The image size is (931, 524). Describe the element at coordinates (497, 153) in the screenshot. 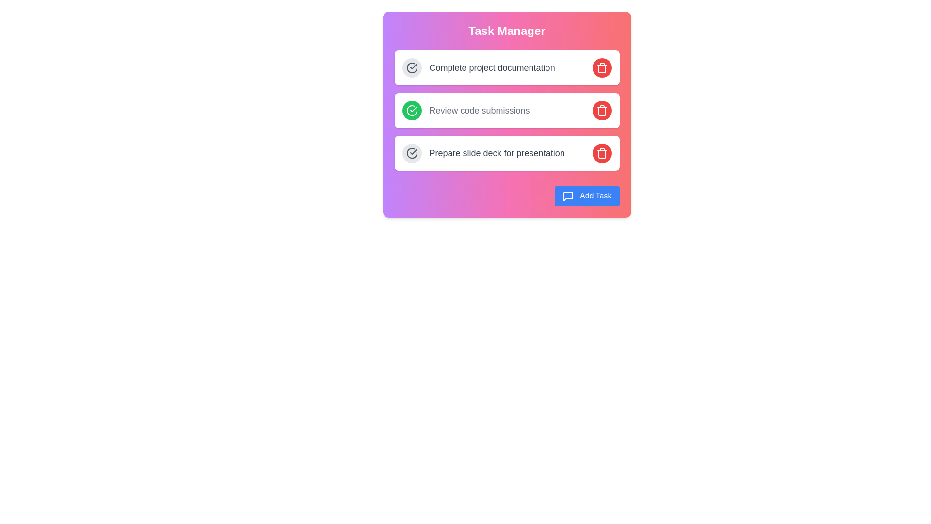

I see `the static text label that serves as the description for the third task in the task management interface` at that location.